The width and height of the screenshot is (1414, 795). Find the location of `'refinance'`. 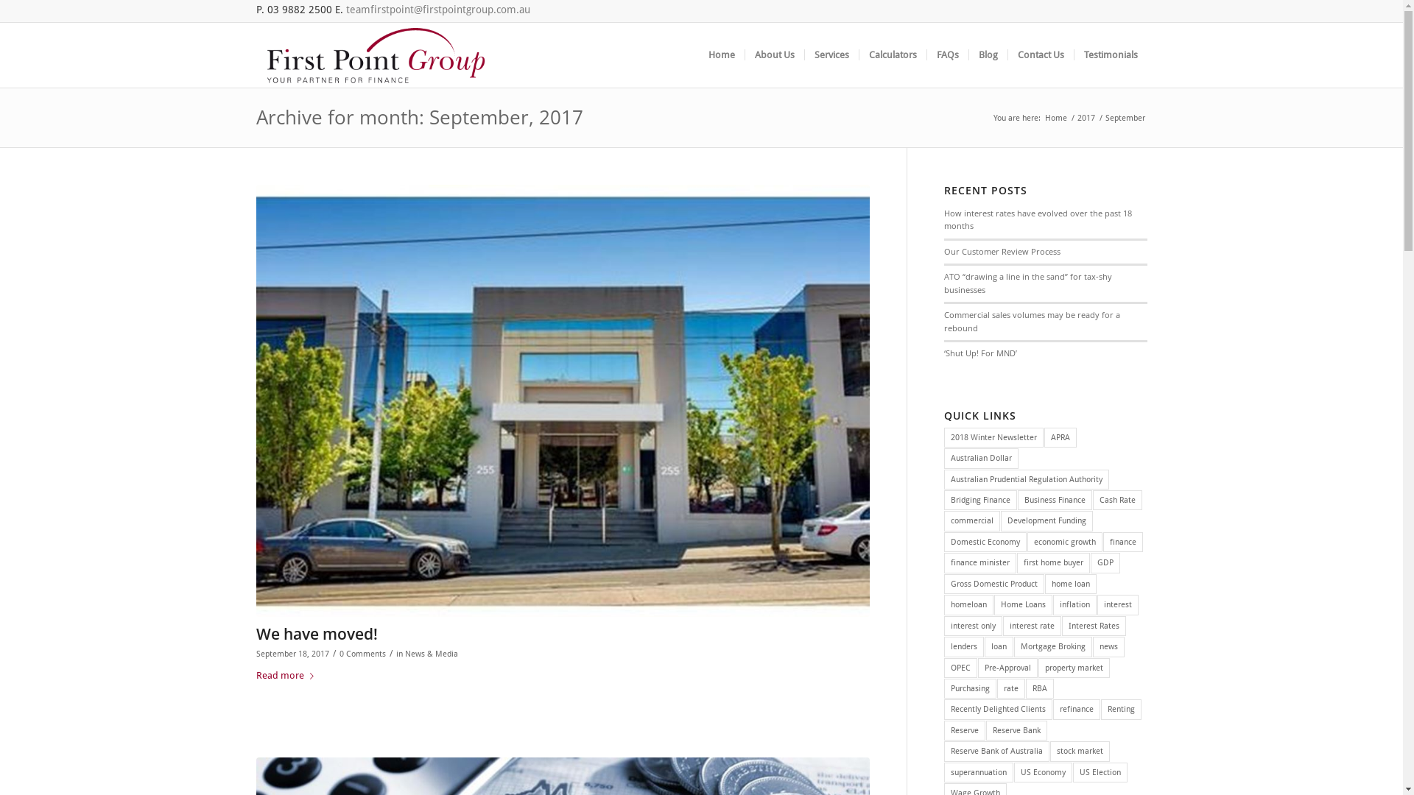

'refinance' is located at coordinates (1077, 708).